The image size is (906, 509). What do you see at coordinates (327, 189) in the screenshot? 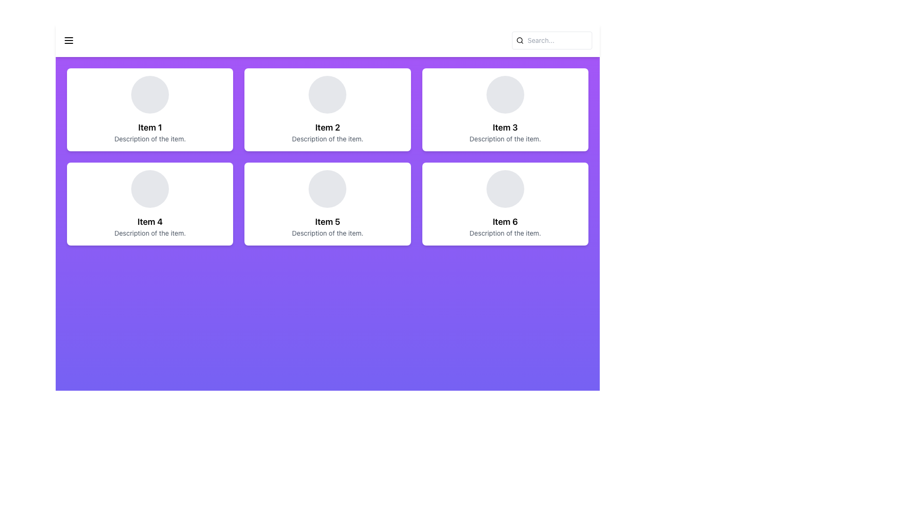
I see `the decorative visual or placeholder element located in the upper central section of the card labeled 'Item 5', which is in the second row and second column of the grid layout` at bounding box center [327, 189].